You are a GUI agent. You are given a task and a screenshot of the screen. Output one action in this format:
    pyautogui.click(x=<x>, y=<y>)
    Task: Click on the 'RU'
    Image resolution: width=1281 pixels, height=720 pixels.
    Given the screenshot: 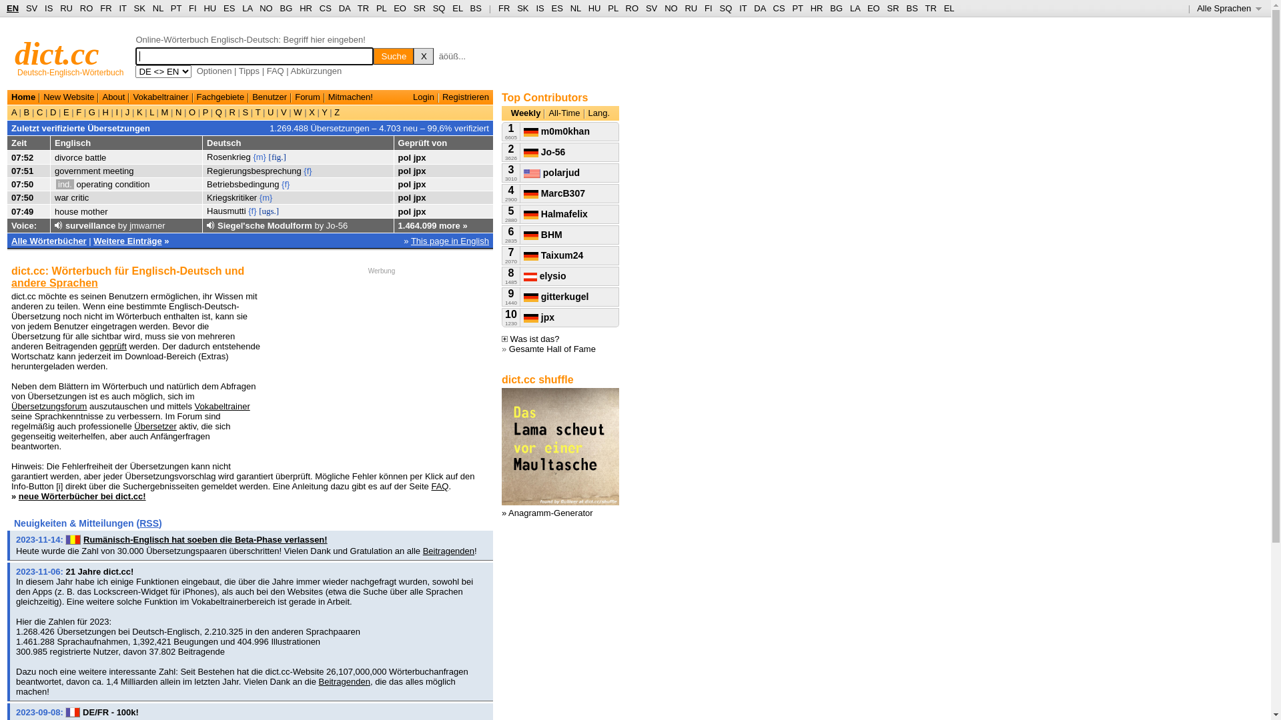 What is the action you would take?
    pyautogui.click(x=691, y=8)
    